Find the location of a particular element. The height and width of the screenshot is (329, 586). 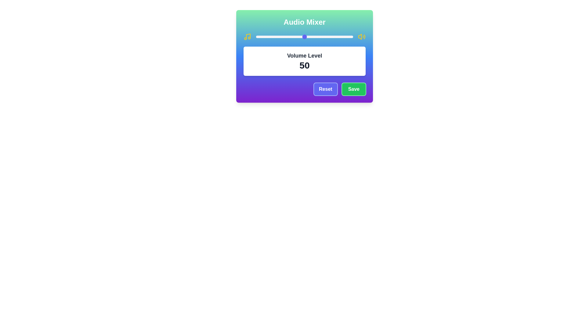

the slider is located at coordinates (294, 37).